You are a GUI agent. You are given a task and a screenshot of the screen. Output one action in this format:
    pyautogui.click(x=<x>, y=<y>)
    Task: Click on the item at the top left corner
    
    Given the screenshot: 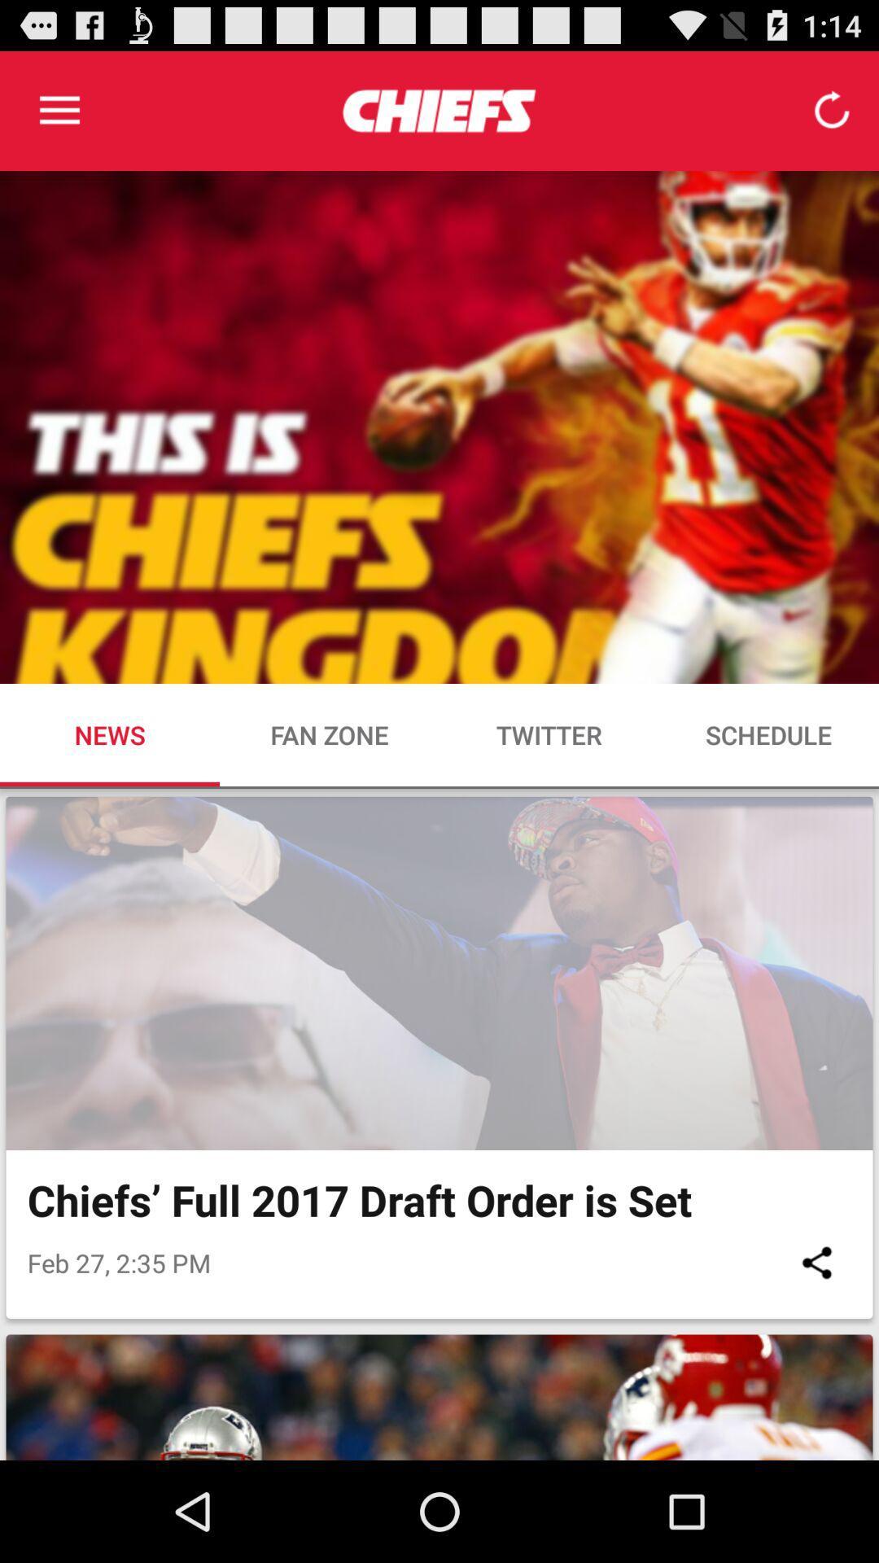 What is the action you would take?
    pyautogui.click(x=59, y=110)
    